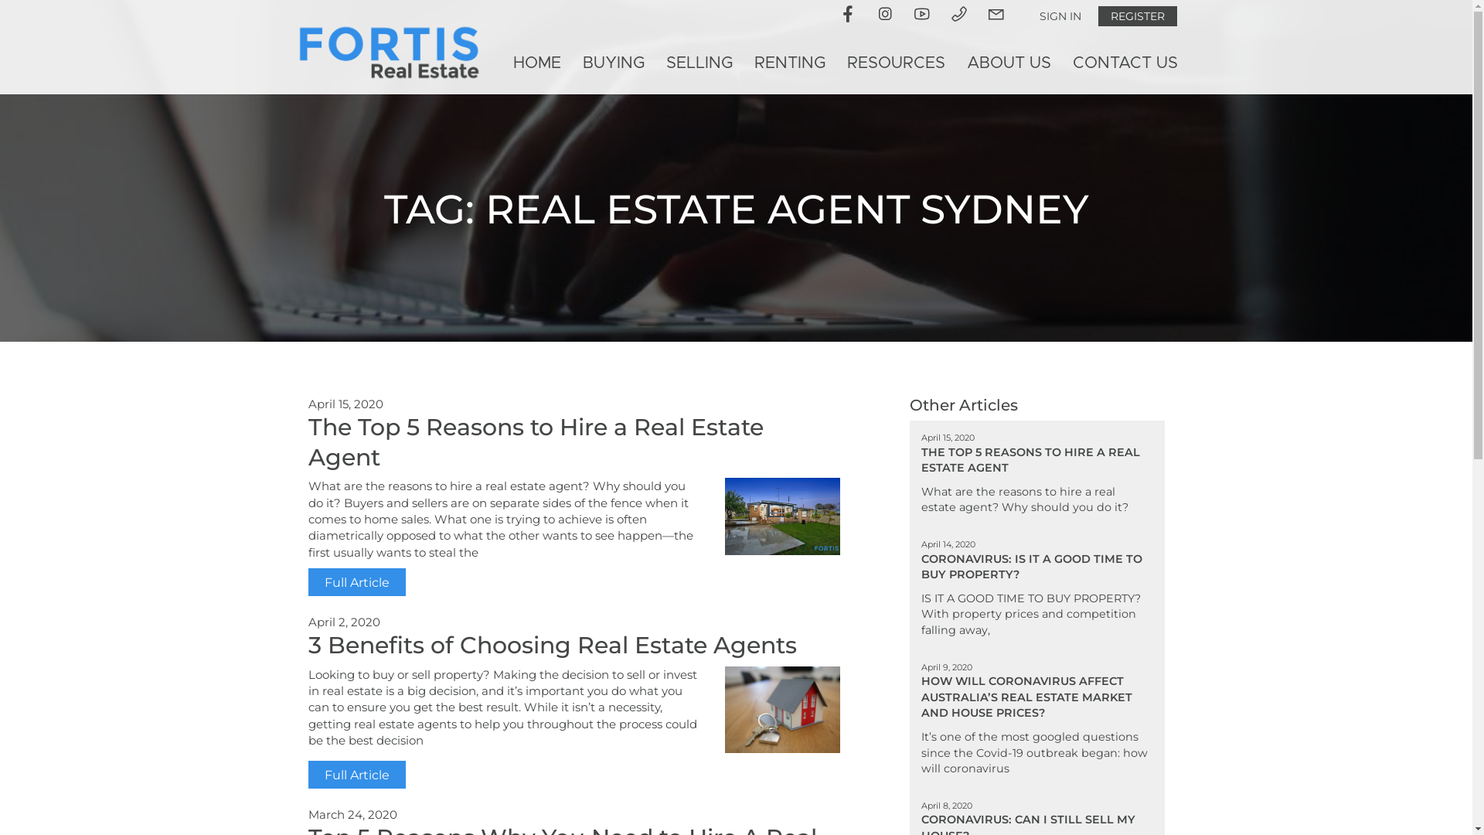  What do you see at coordinates (355, 775) in the screenshot?
I see `'Full Article'` at bounding box center [355, 775].